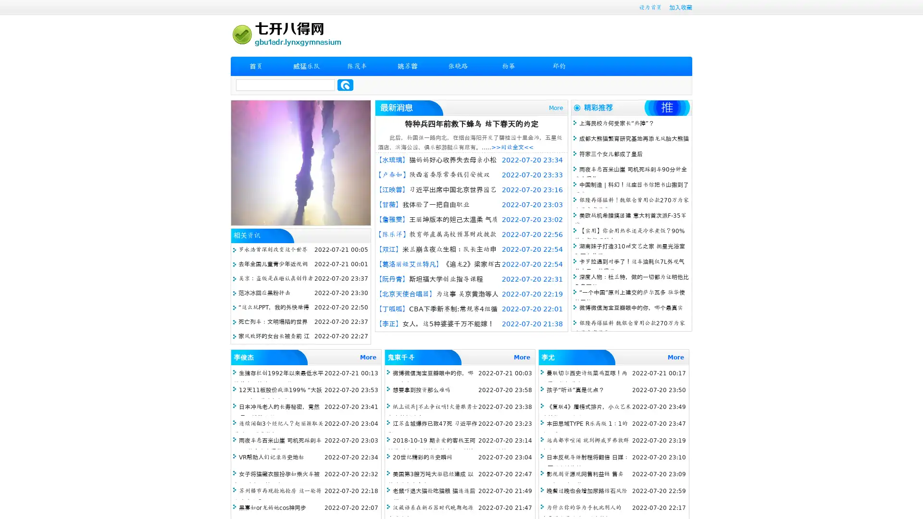  What do you see at coordinates (345, 85) in the screenshot?
I see `Search` at bounding box center [345, 85].